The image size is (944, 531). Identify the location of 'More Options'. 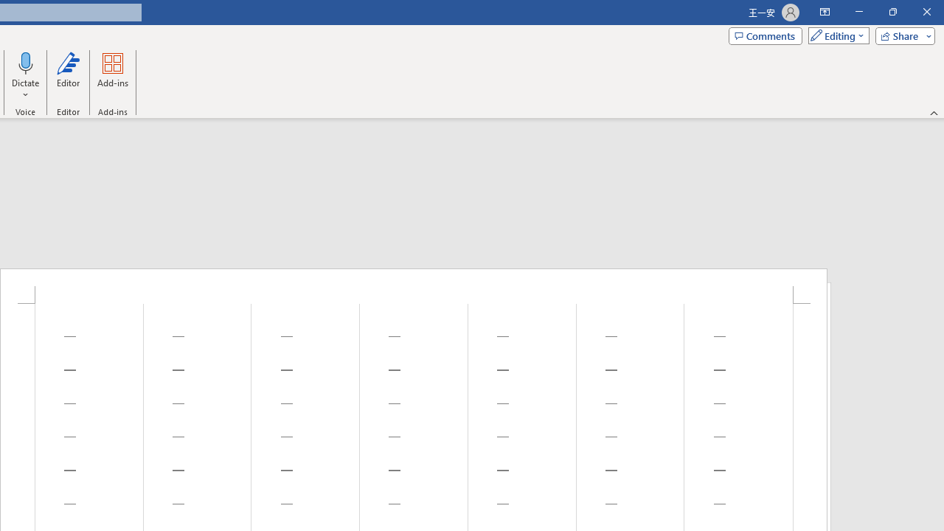
(26, 89).